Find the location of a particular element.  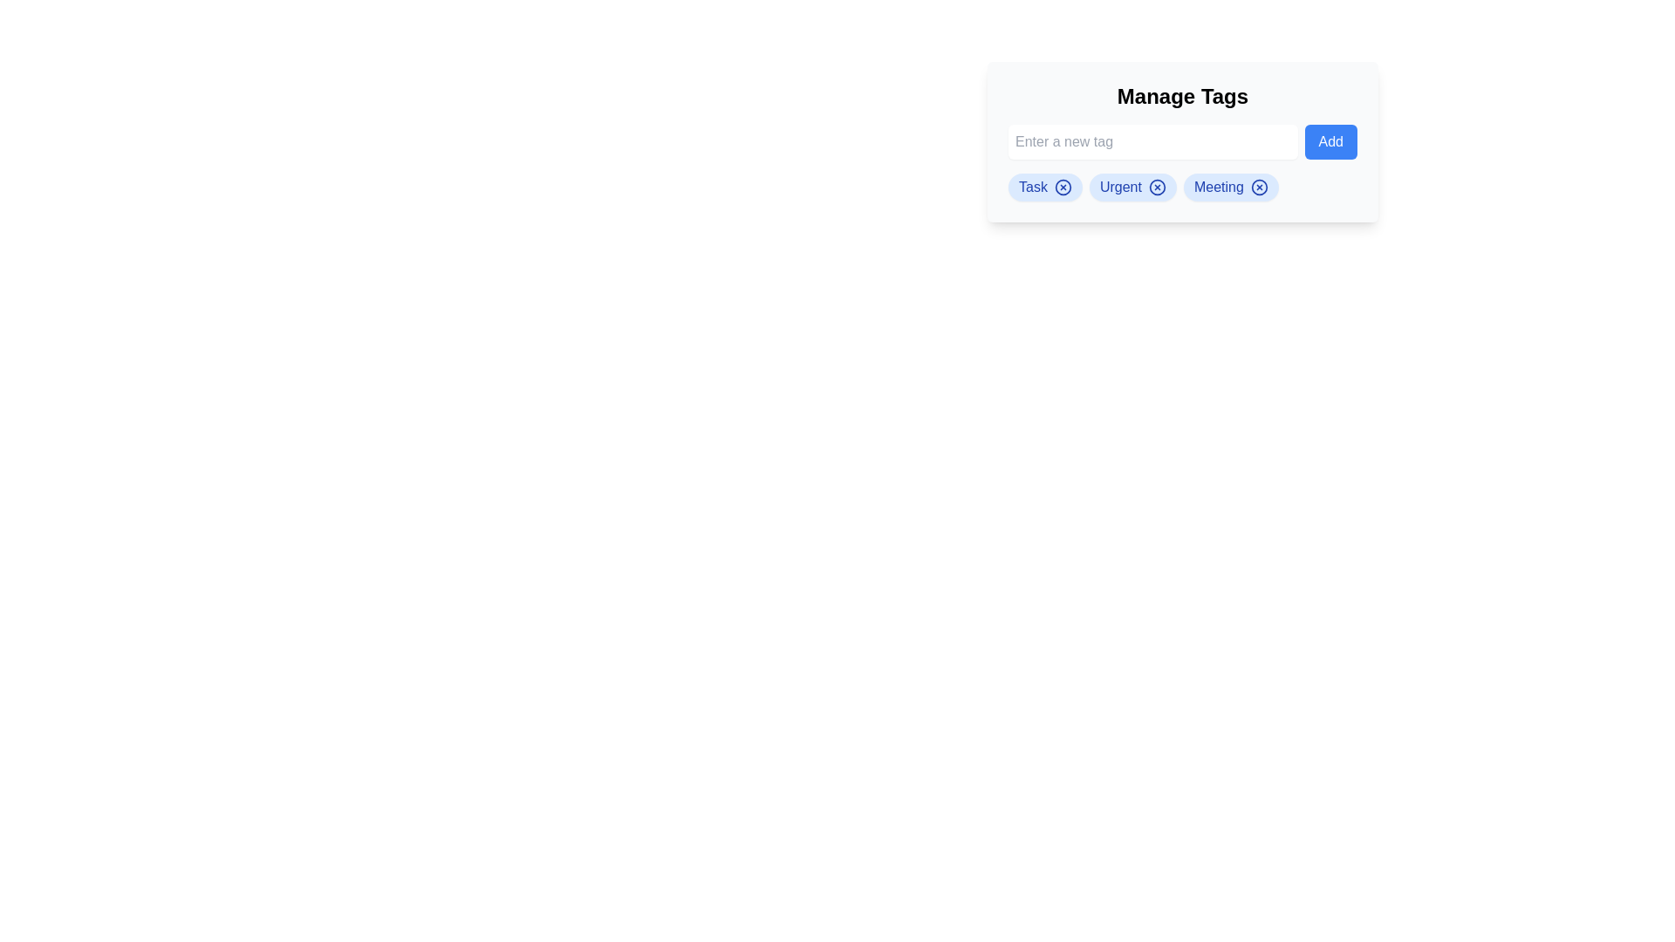

the small circular close icon with an 'X' in the middle located at the end of the 'Urgent' tag is located at coordinates (1157, 188).